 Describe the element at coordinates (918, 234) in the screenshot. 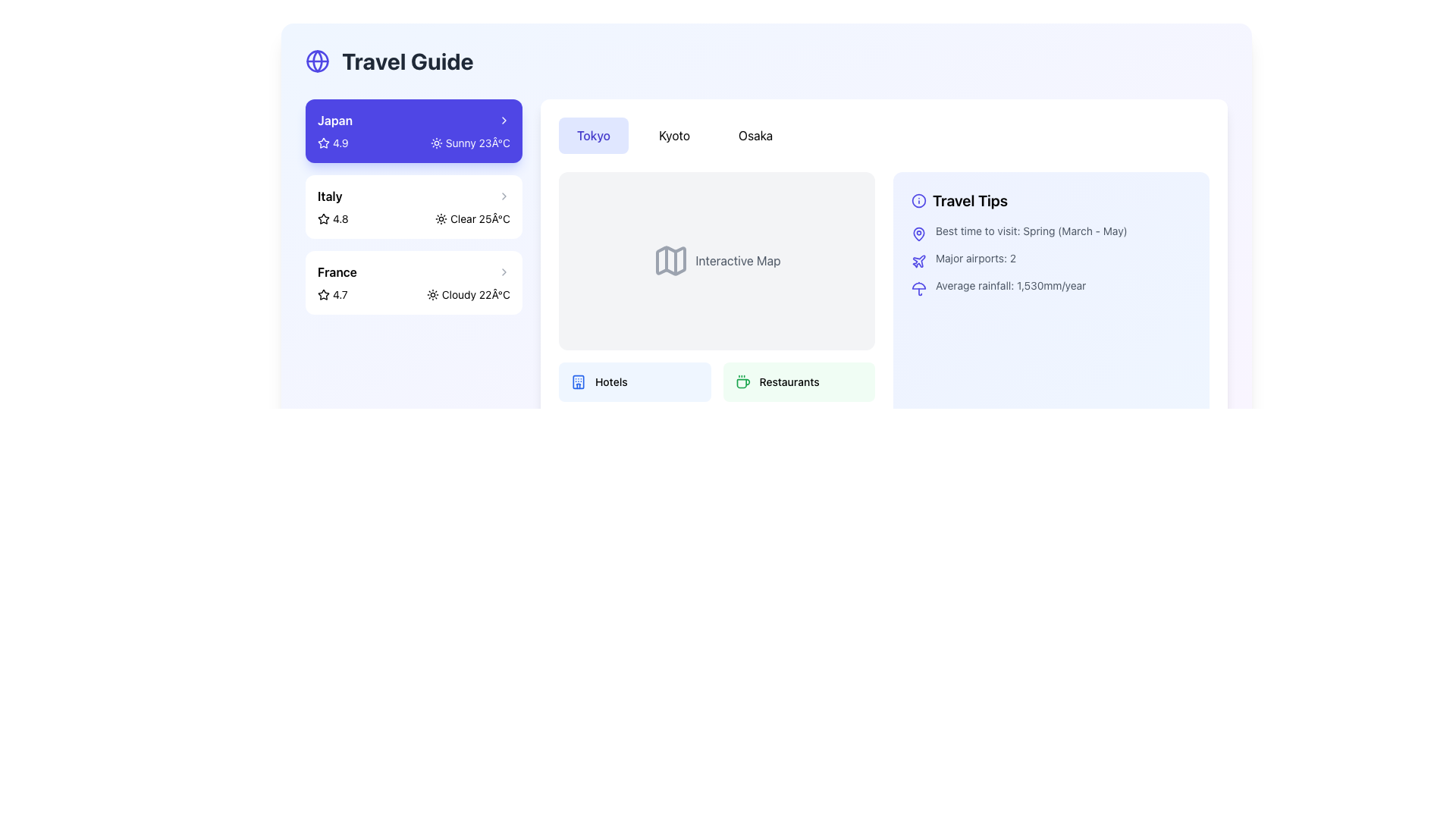

I see `the blue pin icon in the 'Travel Tips' section, which is adjacent to the tip 'Best time to visit: Spring (March - May)', to possibly see tooltip information` at that location.